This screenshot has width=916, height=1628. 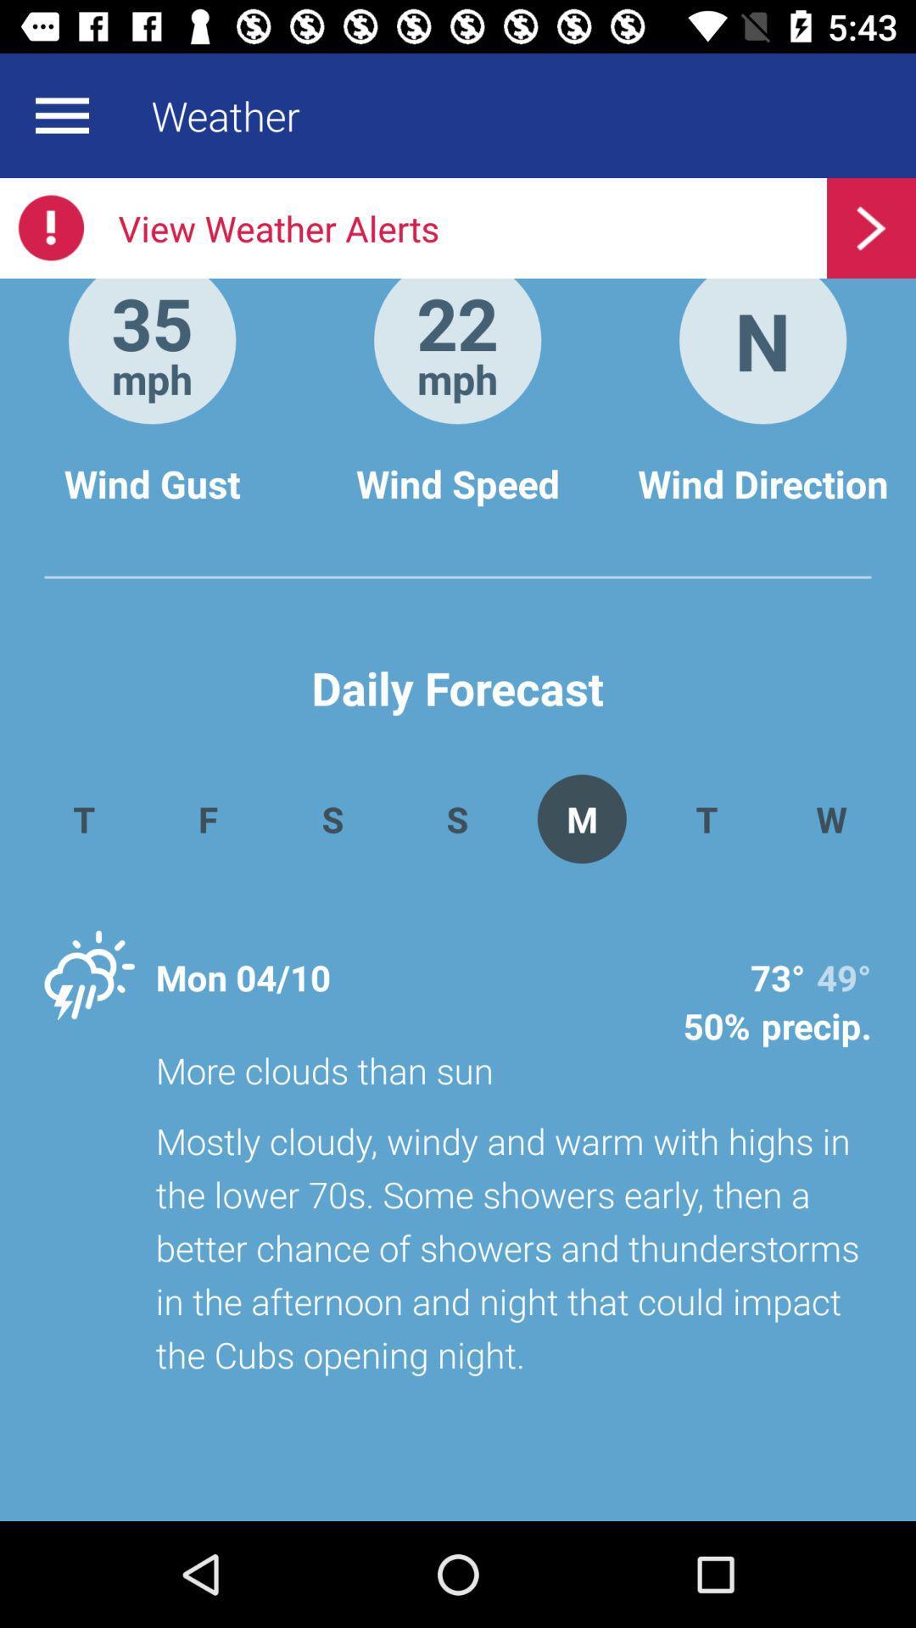 What do you see at coordinates (456, 819) in the screenshot?
I see `button which on left to m` at bounding box center [456, 819].